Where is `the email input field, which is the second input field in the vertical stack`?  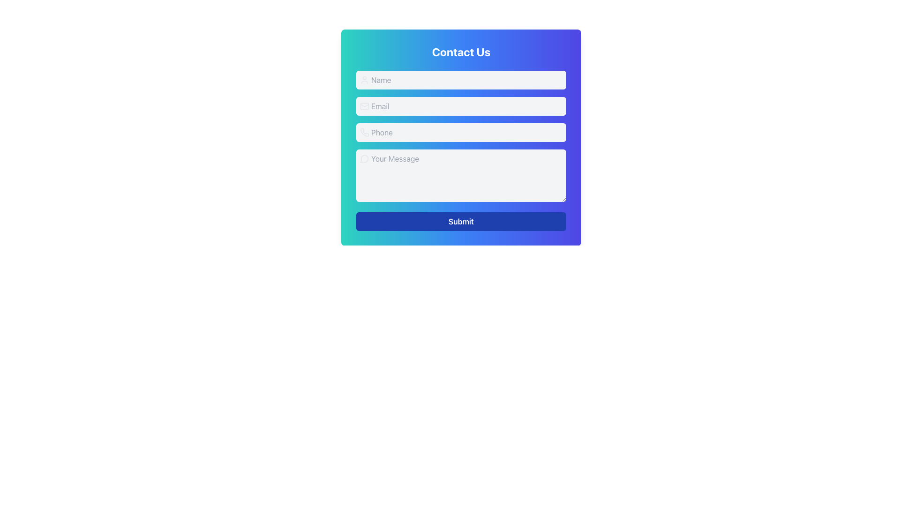
the email input field, which is the second input field in the vertical stack is located at coordinates (461, 106).